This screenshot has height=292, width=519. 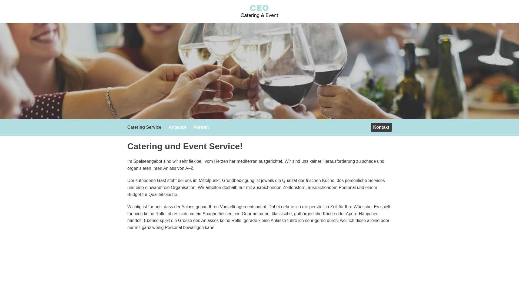 What do you see at coordinates (381, 127) in the screenshot?
I see `'Kontakt'` at bounding box center [381, 127].